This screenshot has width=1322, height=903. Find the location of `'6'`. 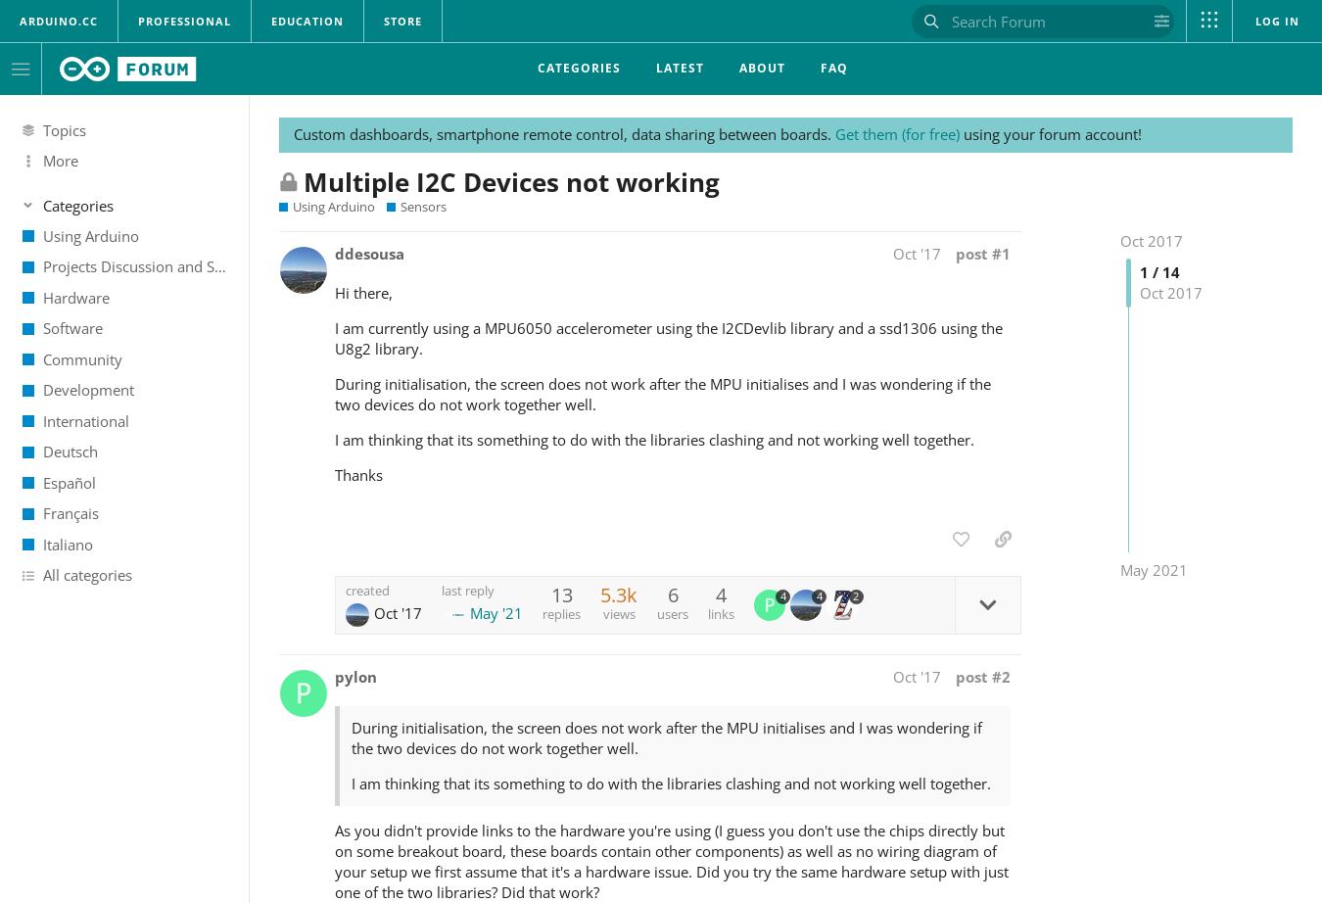

'6' is located at coordinates (671, 594).